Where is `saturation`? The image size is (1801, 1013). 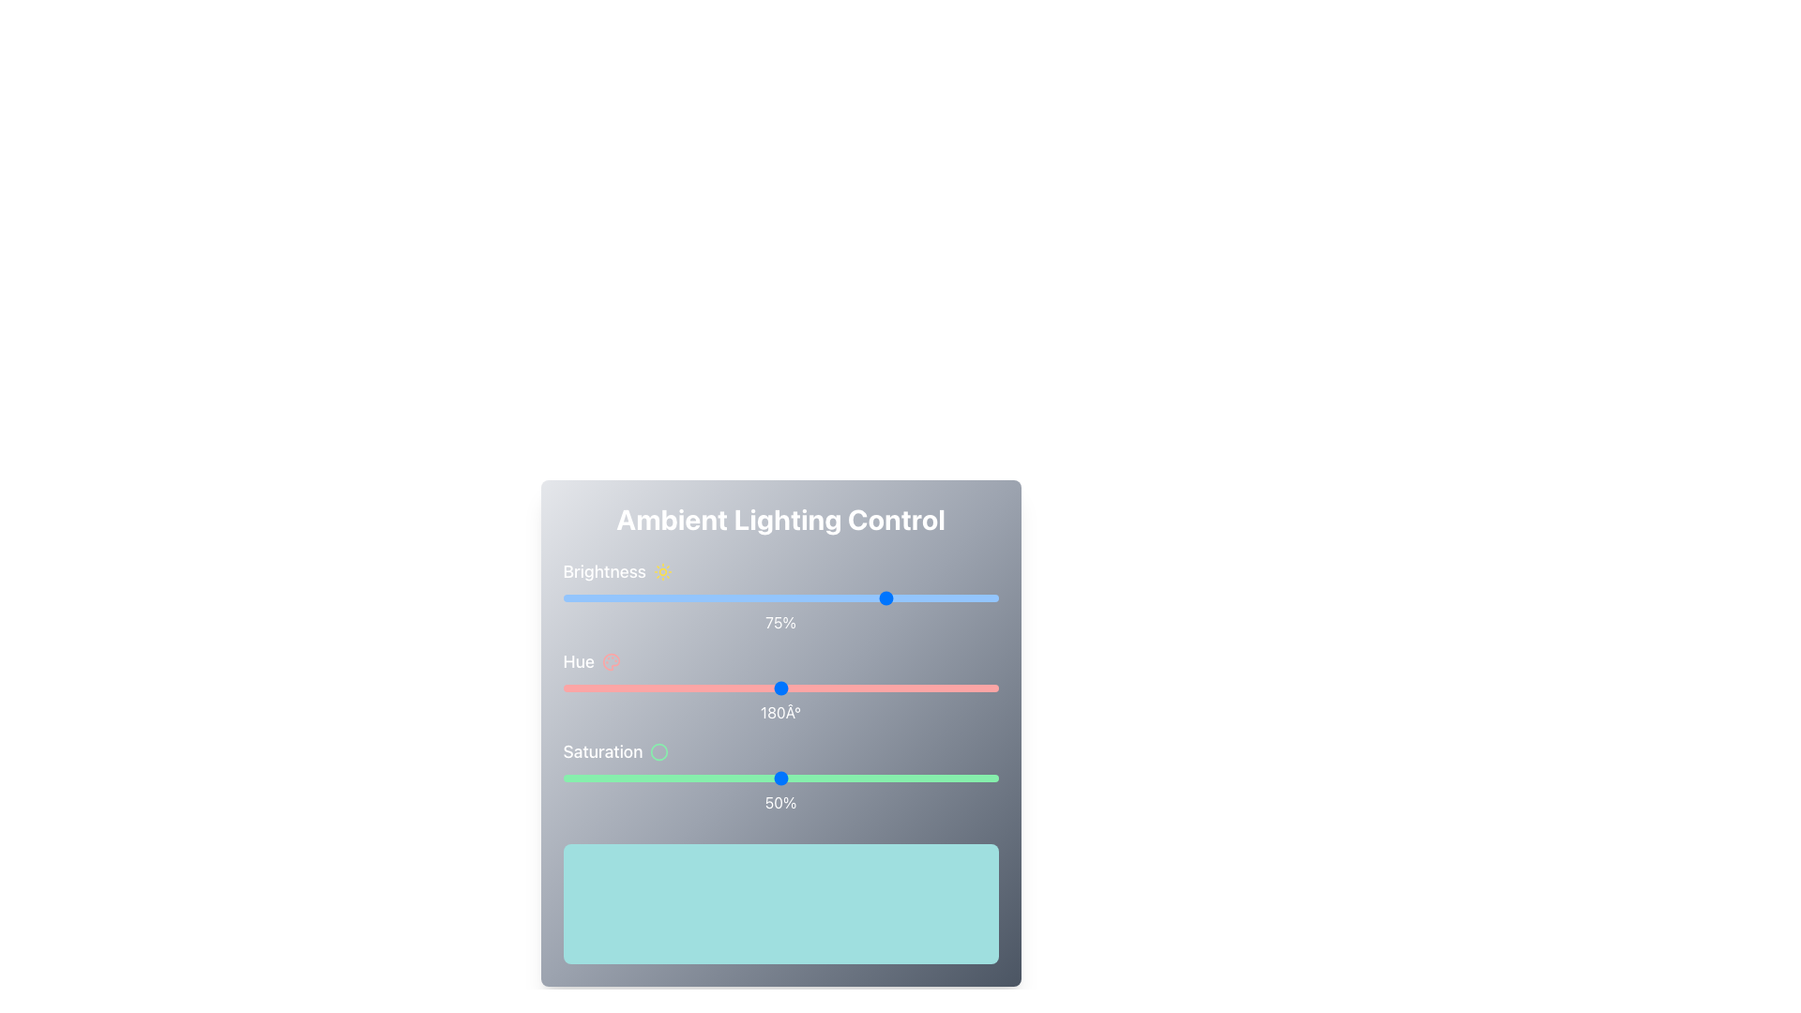 saturation is located at coordinates (810, 778).